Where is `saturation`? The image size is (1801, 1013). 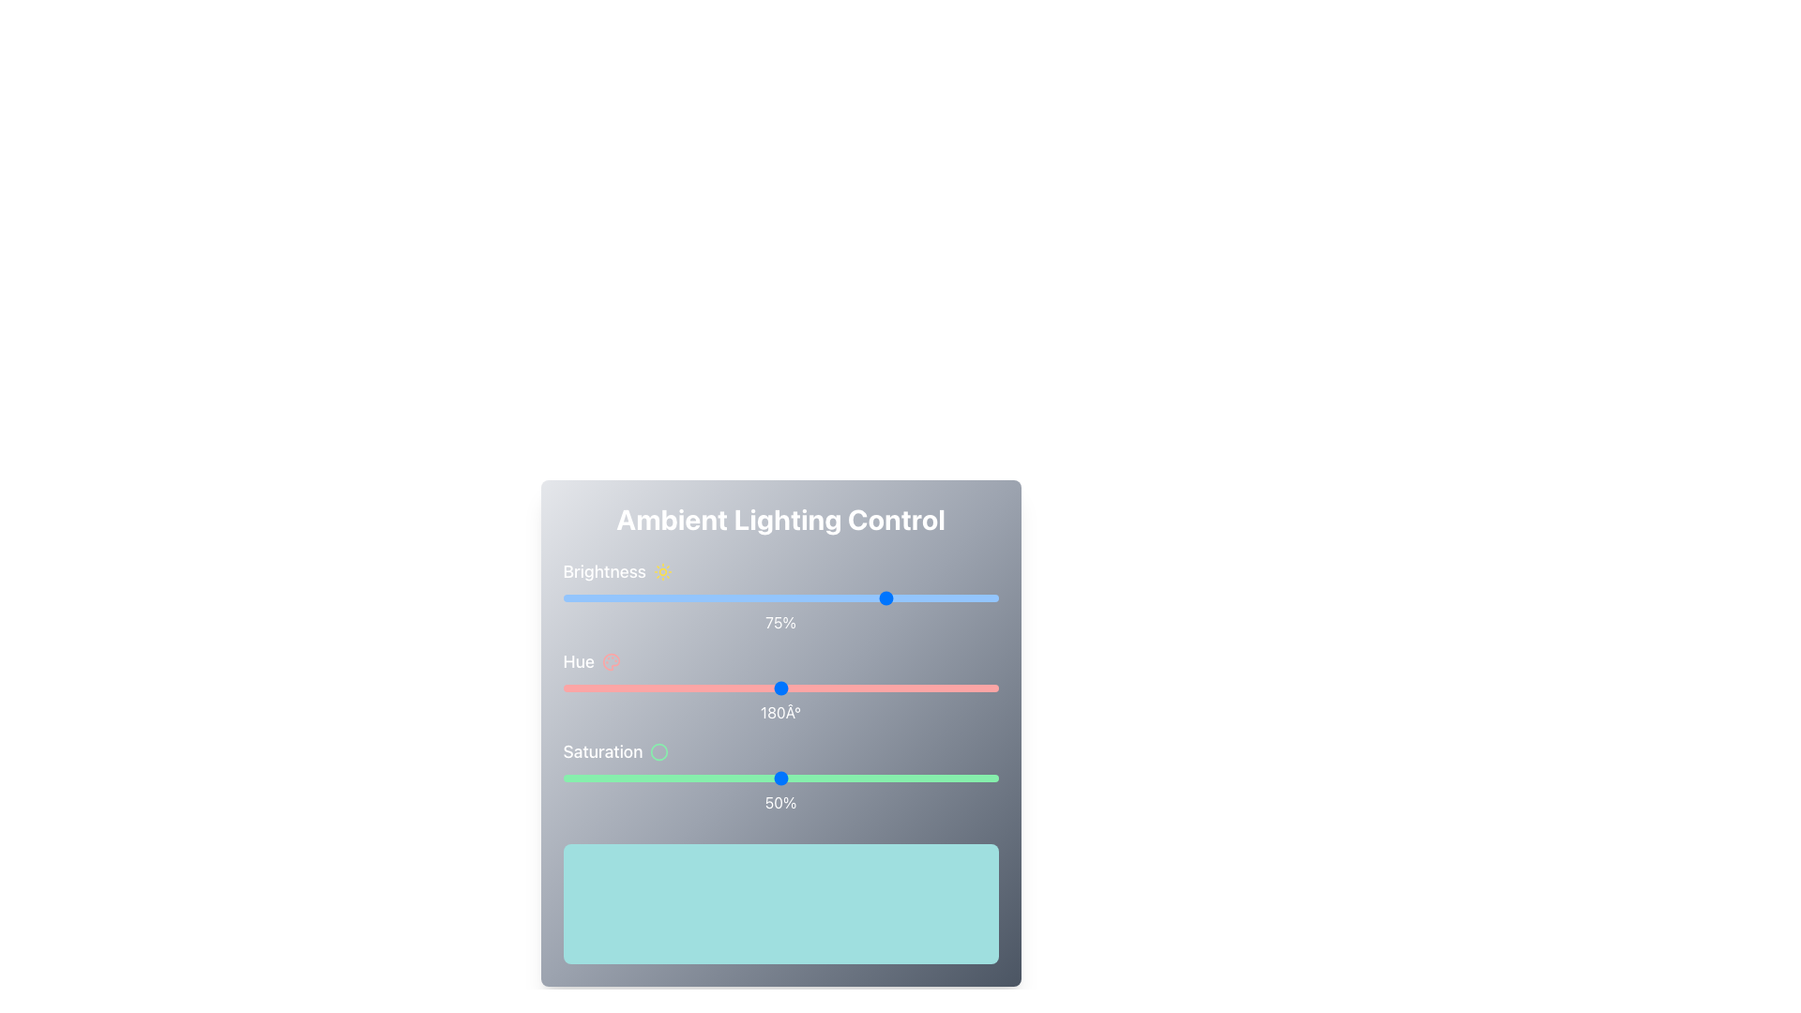 saturation is located at coordinates (810, 778).